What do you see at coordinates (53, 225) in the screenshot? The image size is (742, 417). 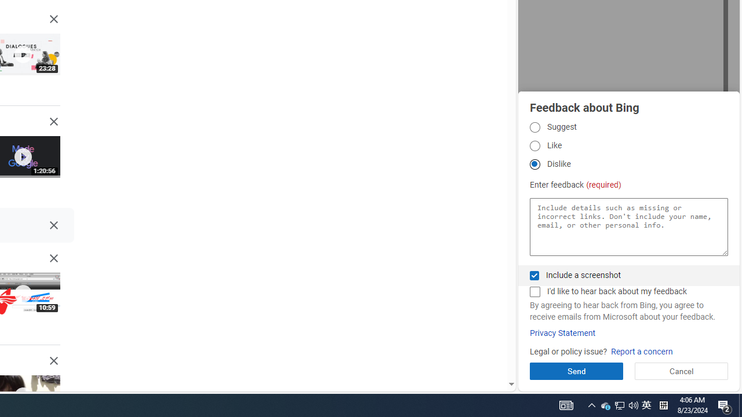 I see `'Class: DI7Mnf NMm5M'` at bounding box center [53, 225].